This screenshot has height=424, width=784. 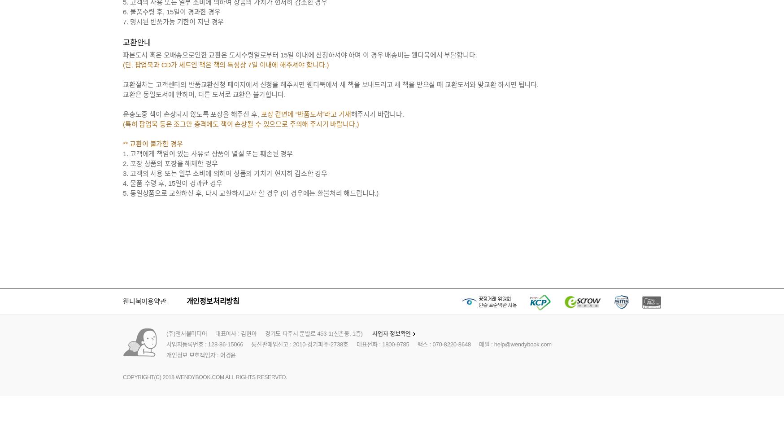 What do you see at coordinates (300, 54) in the screenshot?
I see `'파본도서 혹은 오배송으로인한 교환은 도서수령일로부터 15일 이내에 신청하셔야 하며 이 경우 배송비는 웬디북에서 부담합니다.'` at bounding box center [300, 54].